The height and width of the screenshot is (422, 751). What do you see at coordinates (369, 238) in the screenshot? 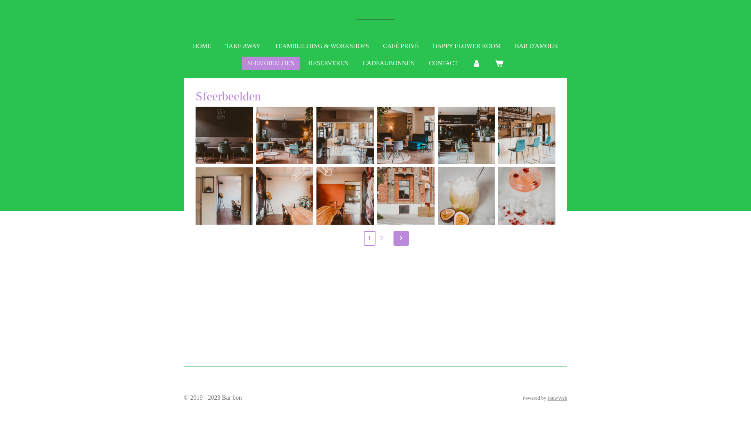
I see `'1'` at bounding box center [369, 238].